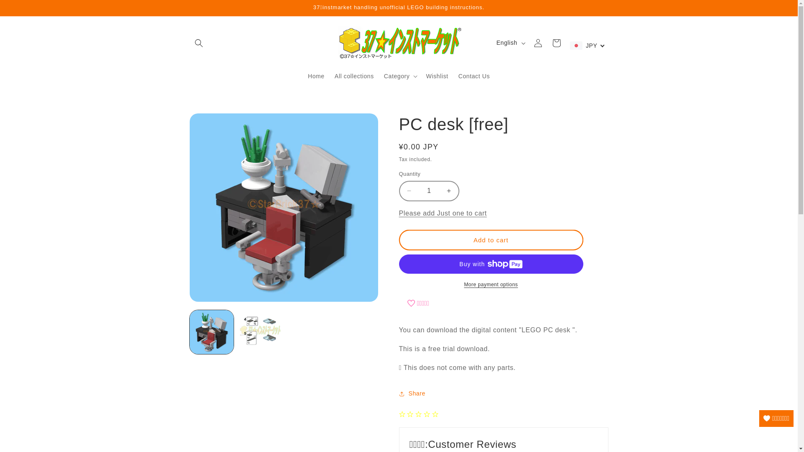  I want to click on 'Wishlist', so click(436, 76).